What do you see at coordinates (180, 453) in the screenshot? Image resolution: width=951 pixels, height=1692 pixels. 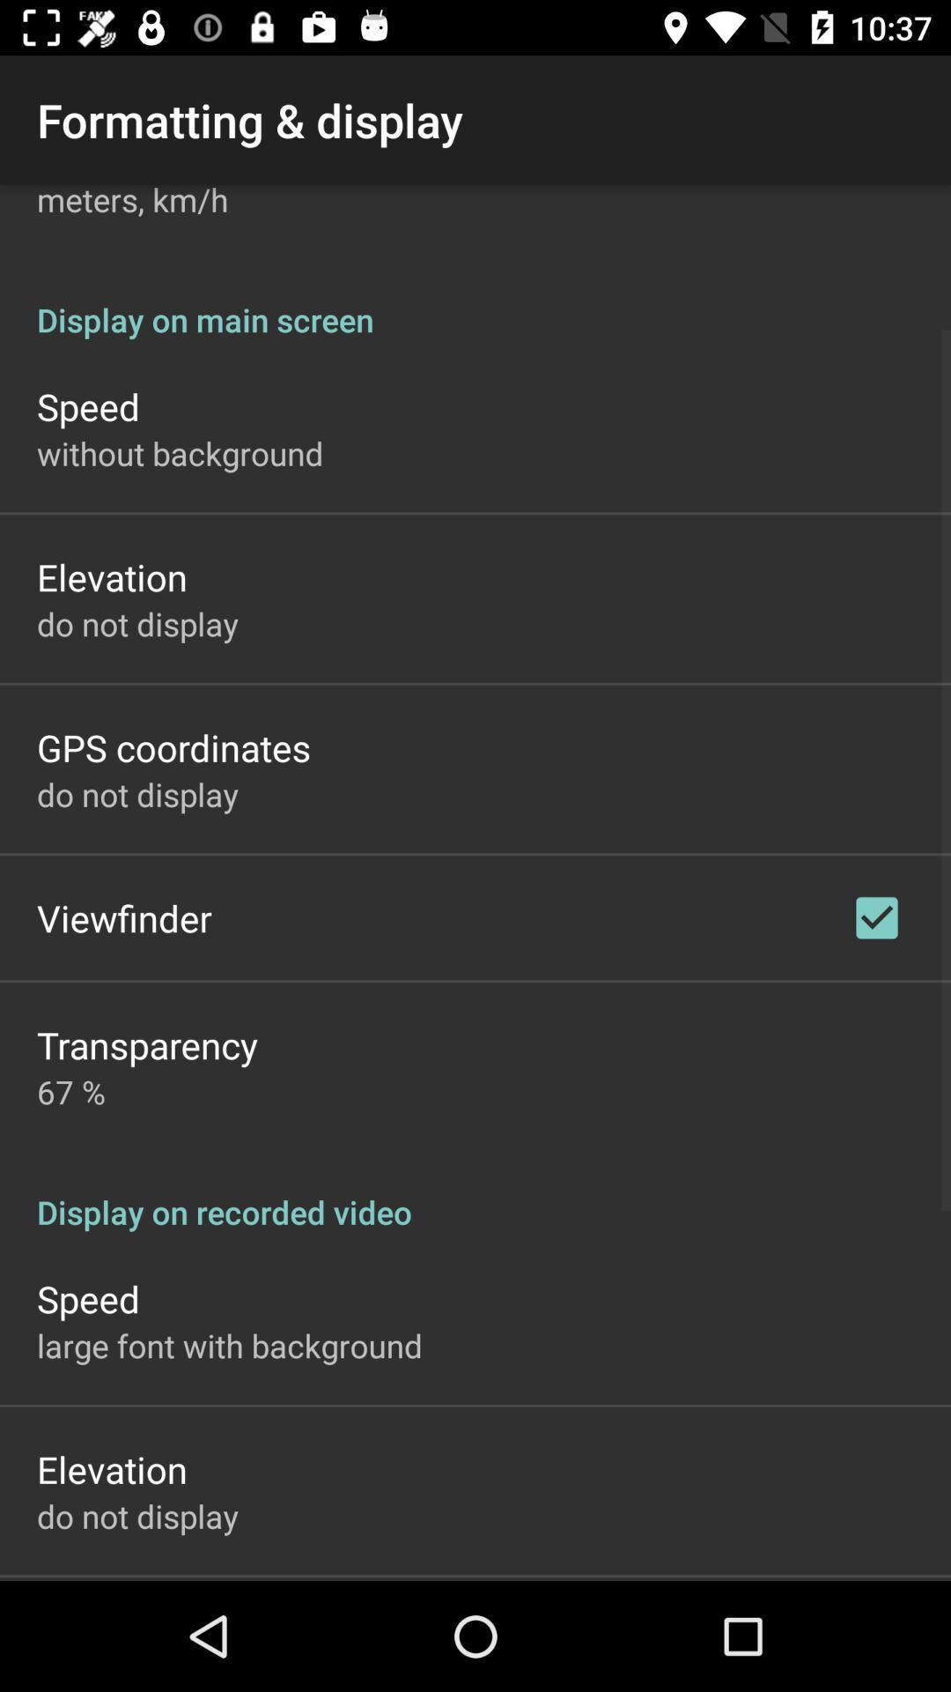 I see `the item above the elevation icon` at bounding box center [180, 453].